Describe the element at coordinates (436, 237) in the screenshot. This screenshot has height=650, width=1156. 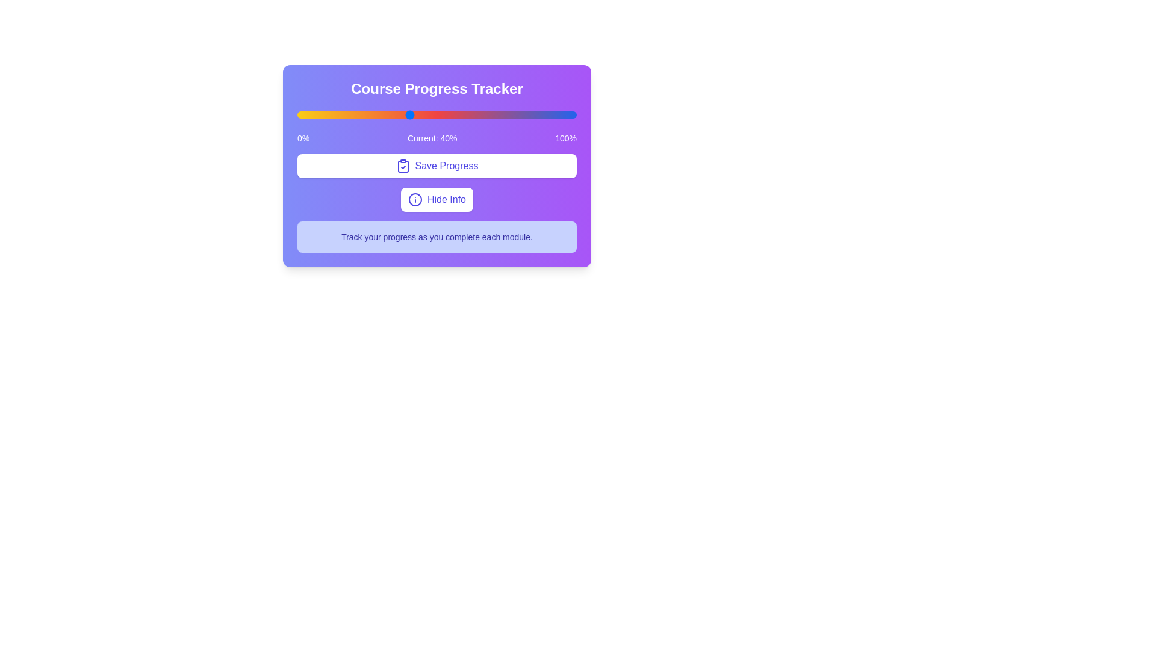
I see `the Text Information Box located at the bottom of the 'Course Progress Tracker' card, which is horizontally centered and positioned below the 'Hide Info' button` at that location.